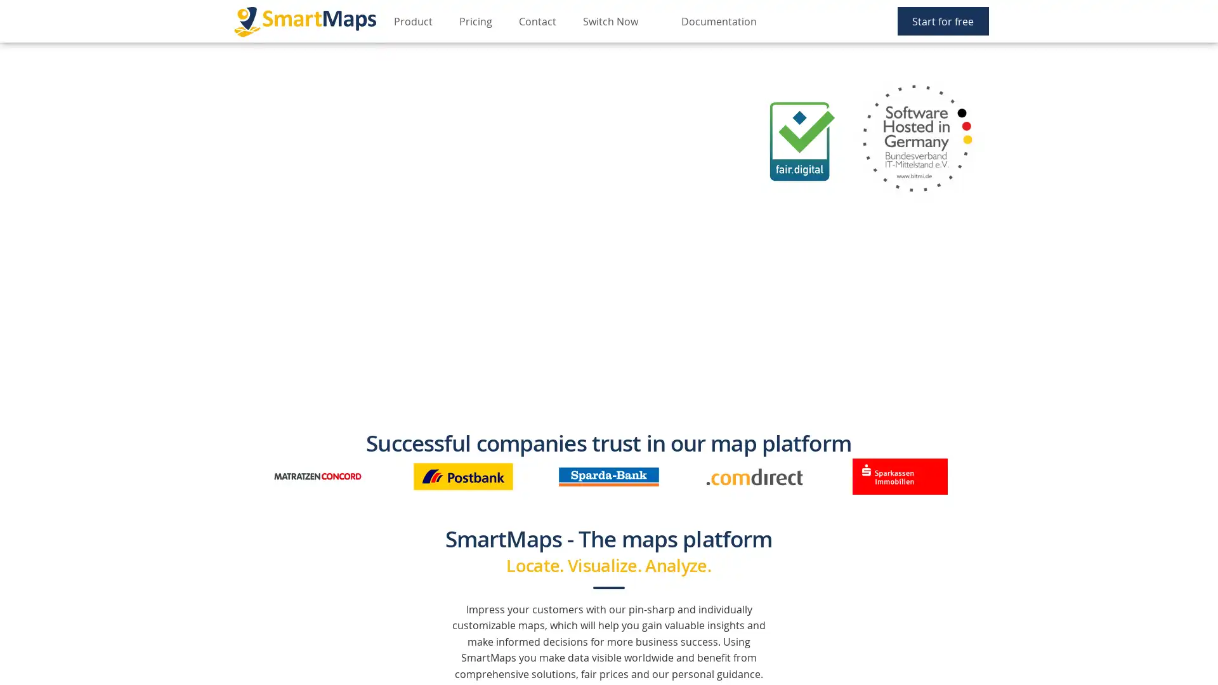 The image size is (1218, 685). I want to click on Zoom out, so click(17, 78).